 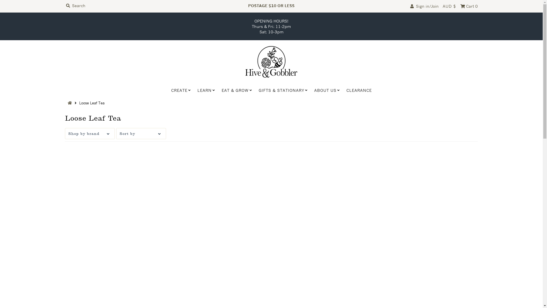 What do you see at coordinates (469, 6) in the screenshot?
I see `' Cart 0'` at bounding box center [469, 6].